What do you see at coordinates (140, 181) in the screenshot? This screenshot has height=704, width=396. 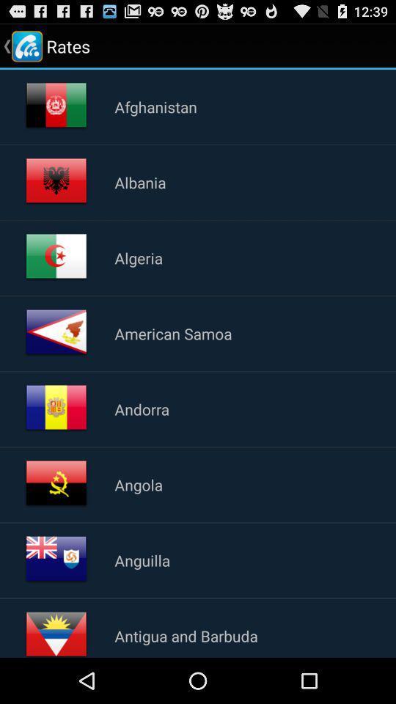 I see `the albania` at bounding box center [140, 181].